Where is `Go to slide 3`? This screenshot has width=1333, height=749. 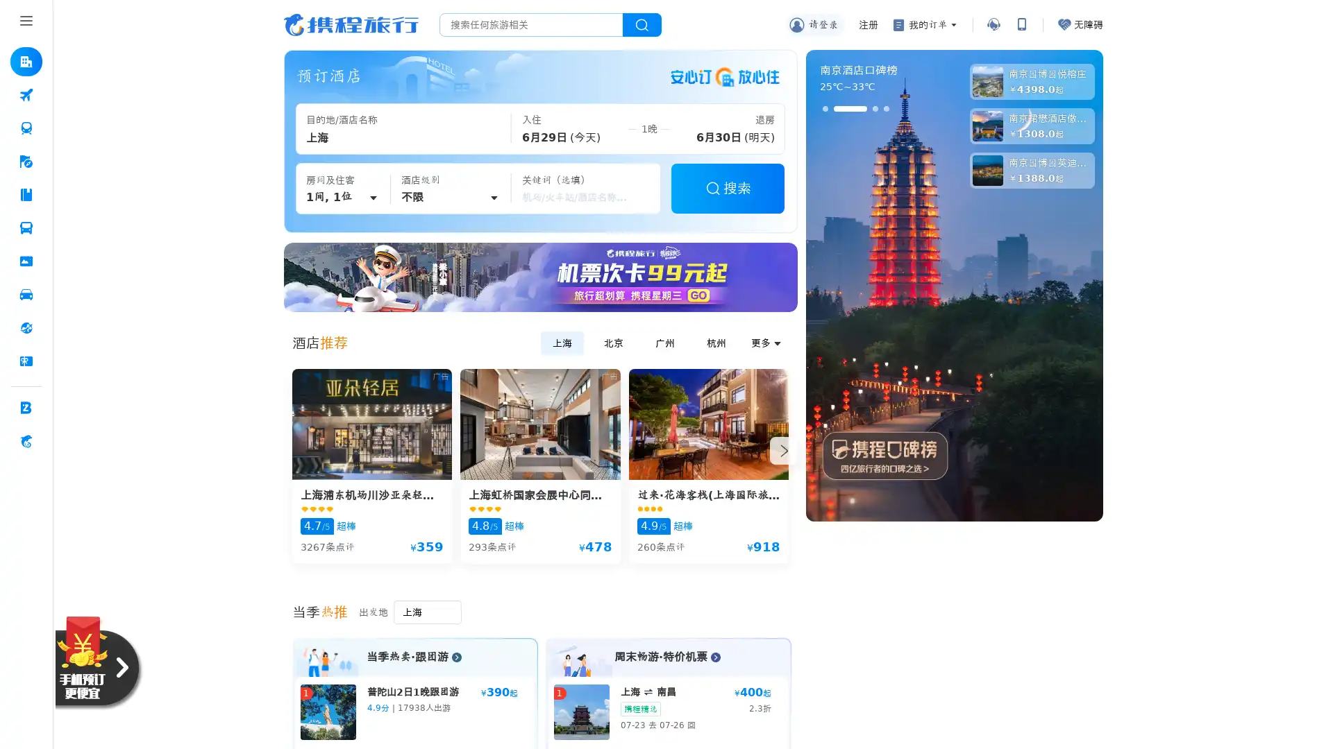
Go to slide 3 is located at coordinates (873, 108).